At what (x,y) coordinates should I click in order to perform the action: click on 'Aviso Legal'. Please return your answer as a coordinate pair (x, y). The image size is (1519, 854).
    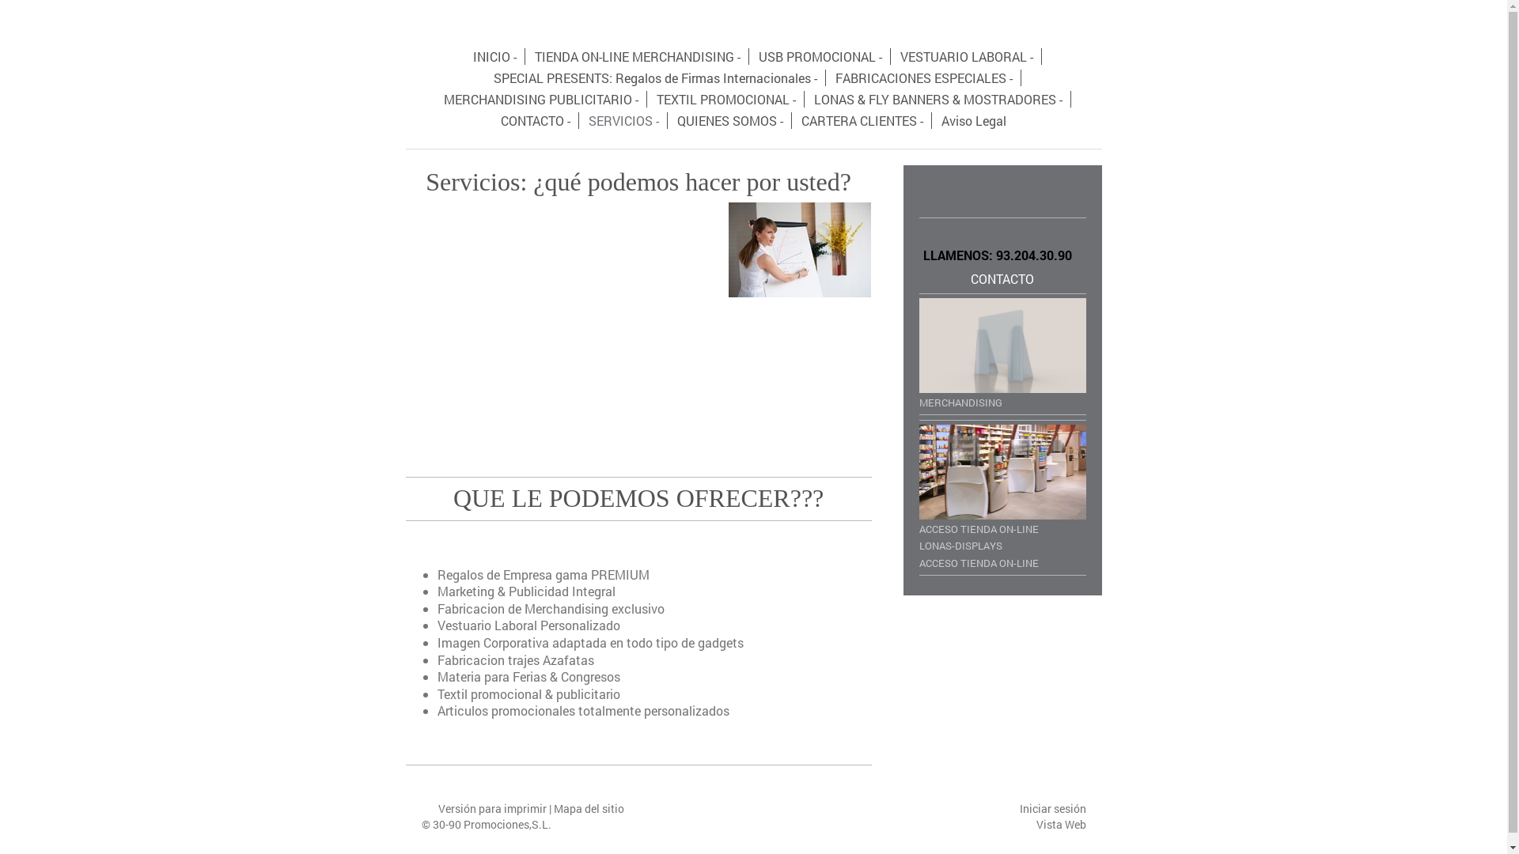
    Looking at the image, I should click on (972, 119).